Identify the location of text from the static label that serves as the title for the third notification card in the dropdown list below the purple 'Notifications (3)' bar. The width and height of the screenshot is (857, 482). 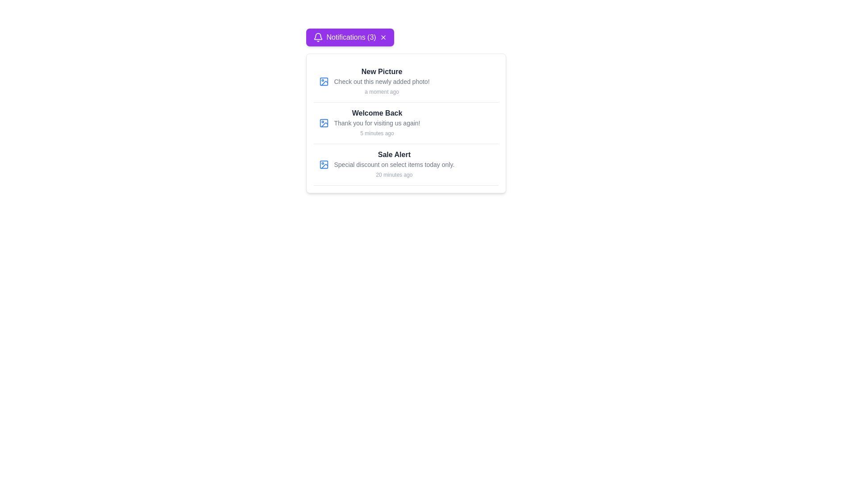
(394, 154).